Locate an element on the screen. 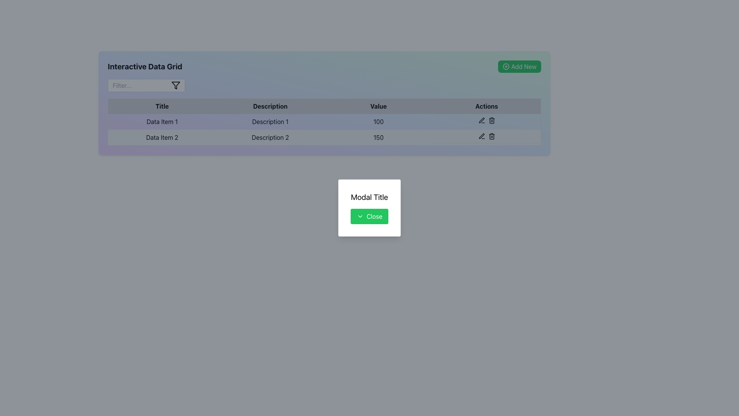 The width and height of the screenshot is (739, 416). the Text Display element that shows the value '100' for 'Description 1' in the third cell of the first row of the Interactive Data Grid is located at coordinates (378, 121).